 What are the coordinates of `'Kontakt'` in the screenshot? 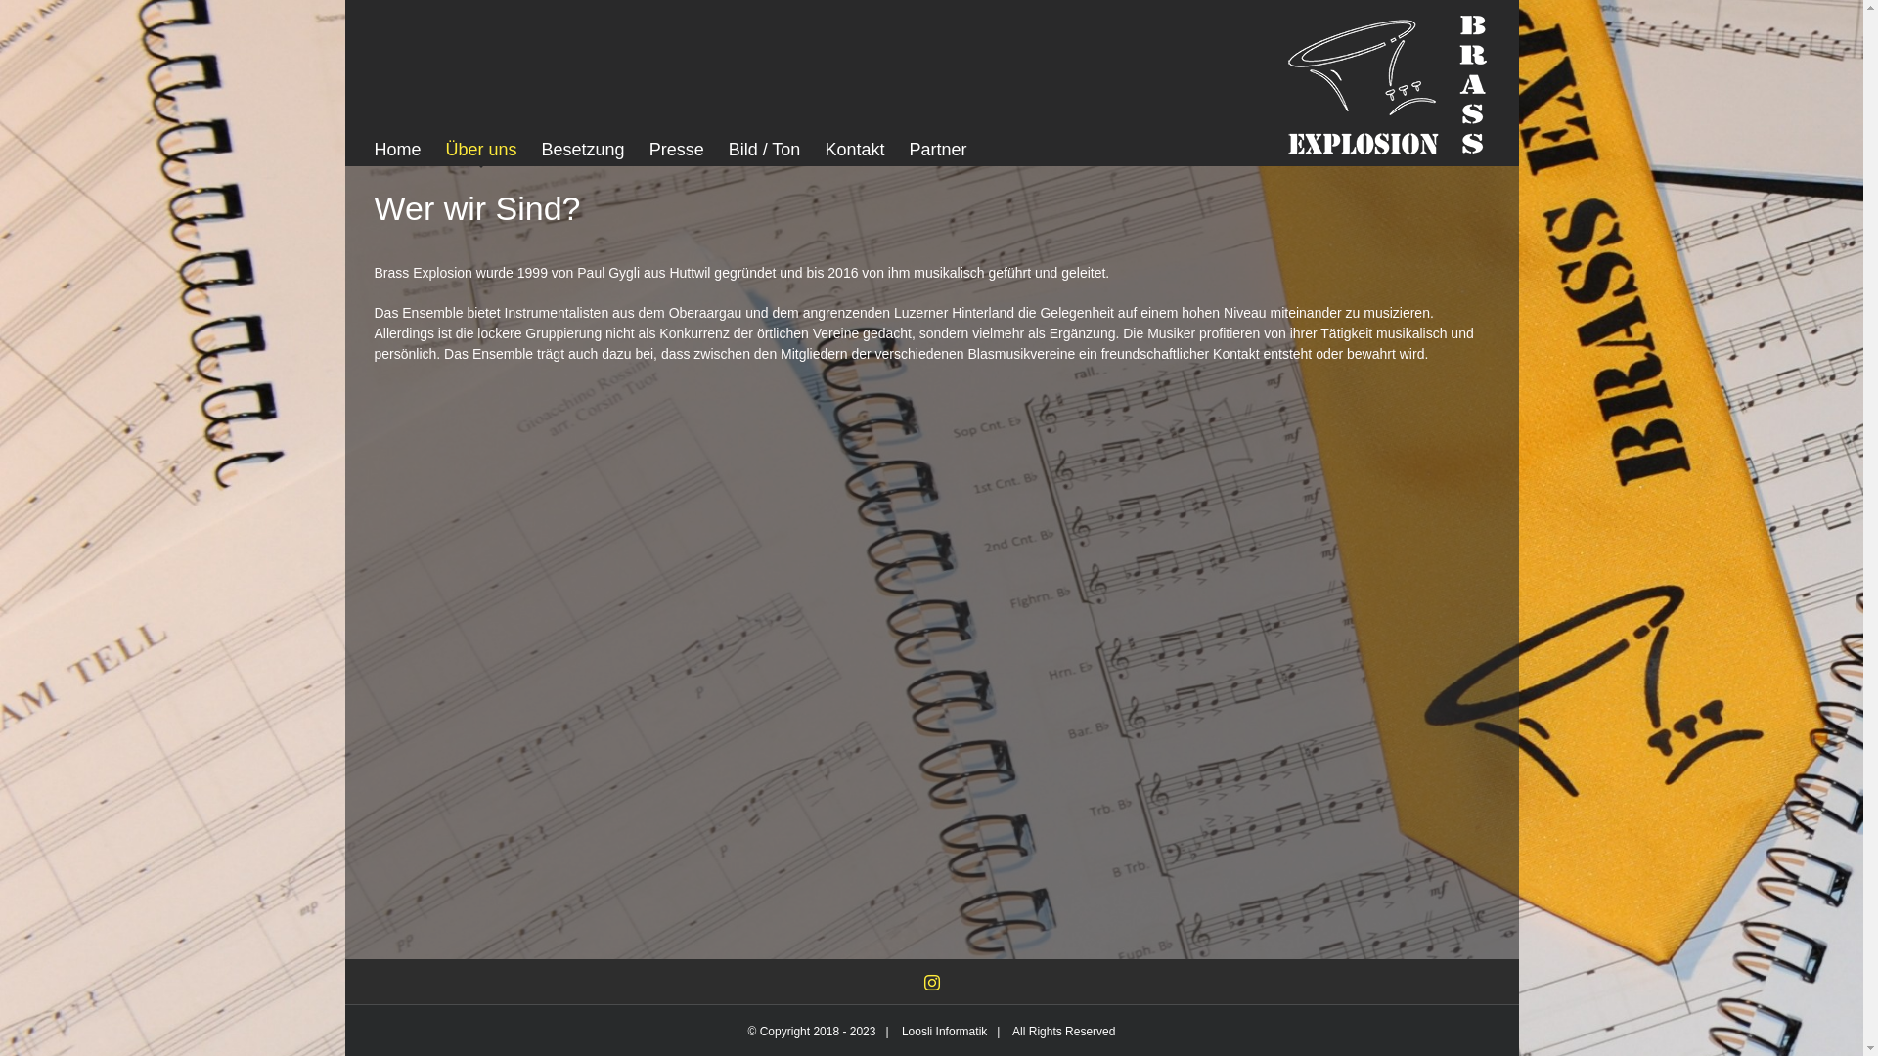 It's located at (854, 149).